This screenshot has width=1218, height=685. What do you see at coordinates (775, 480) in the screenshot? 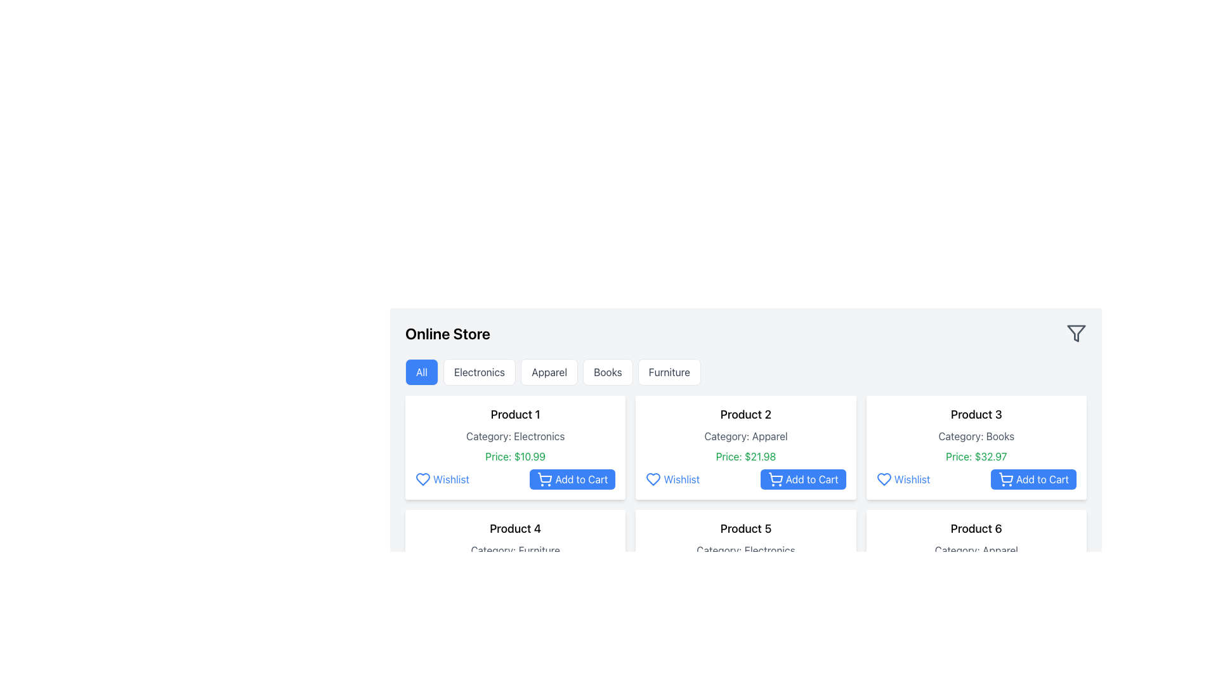
I see `the add to cart icon located inside the 'Add to Cart' button of the second product from the left in the top row of the product grid` at bounding box center [775, 480].